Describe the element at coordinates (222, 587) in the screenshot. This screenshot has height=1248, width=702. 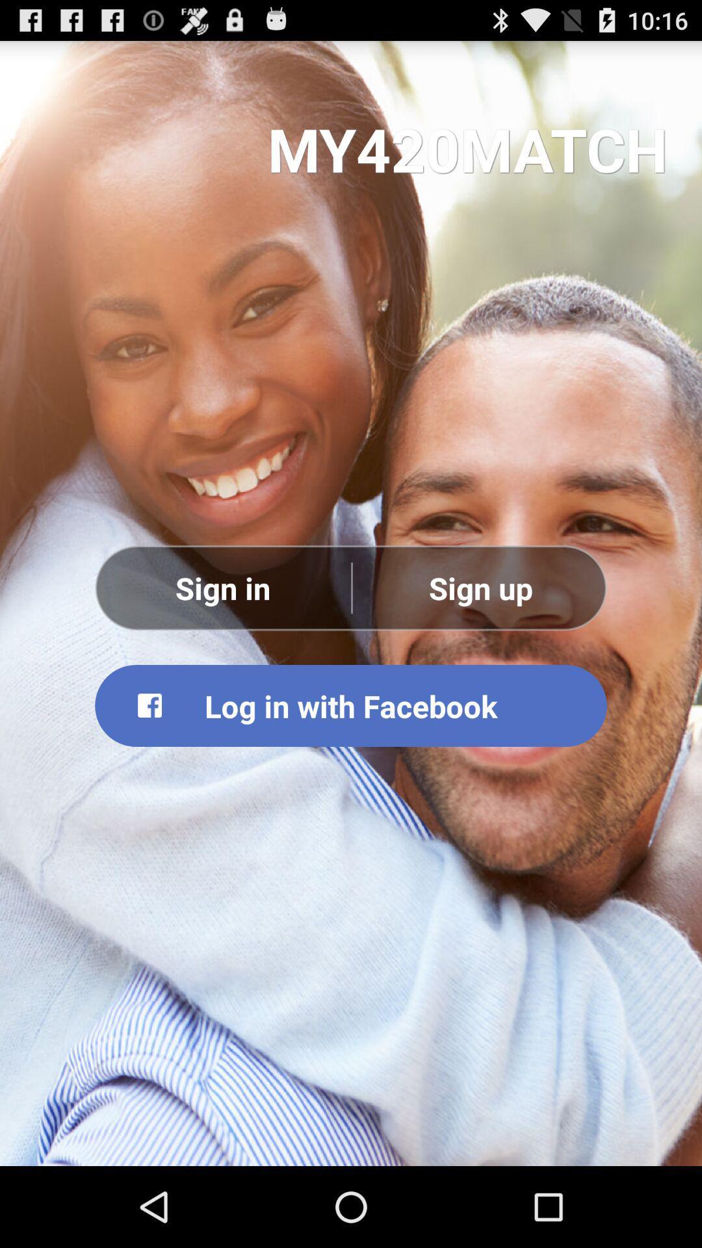
I see `the item below the my420match app` at that location.